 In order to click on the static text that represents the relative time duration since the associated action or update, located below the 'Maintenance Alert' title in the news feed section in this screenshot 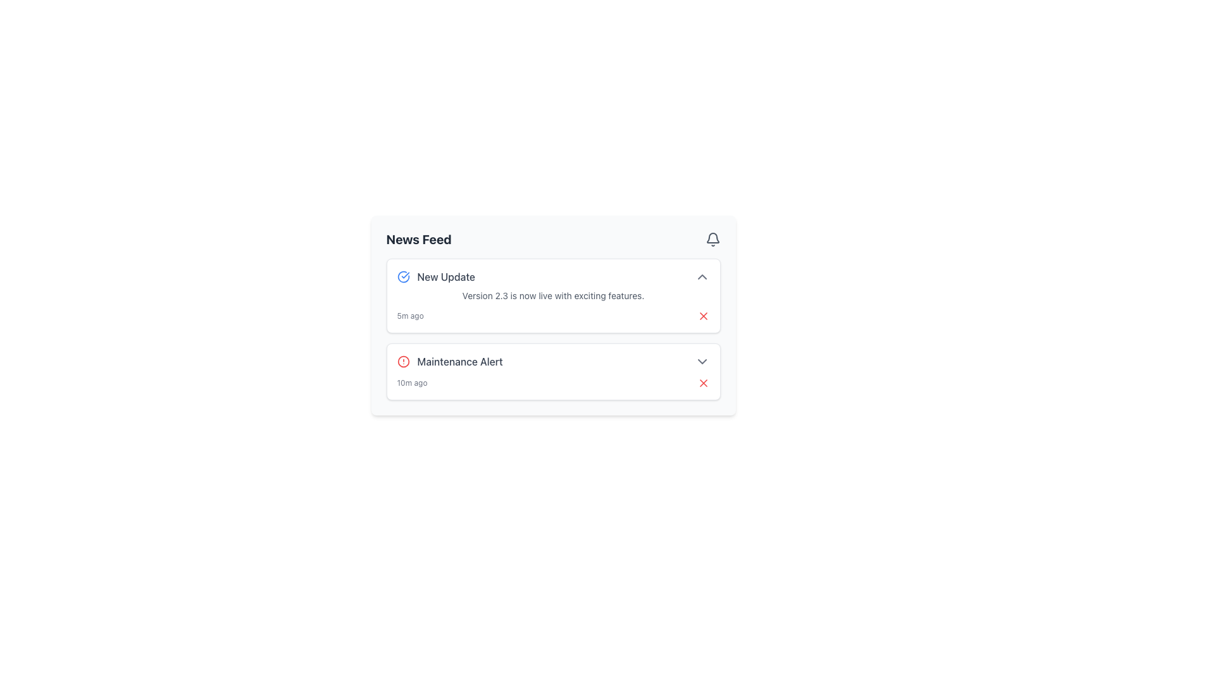, I will do `click(412, 382)`.